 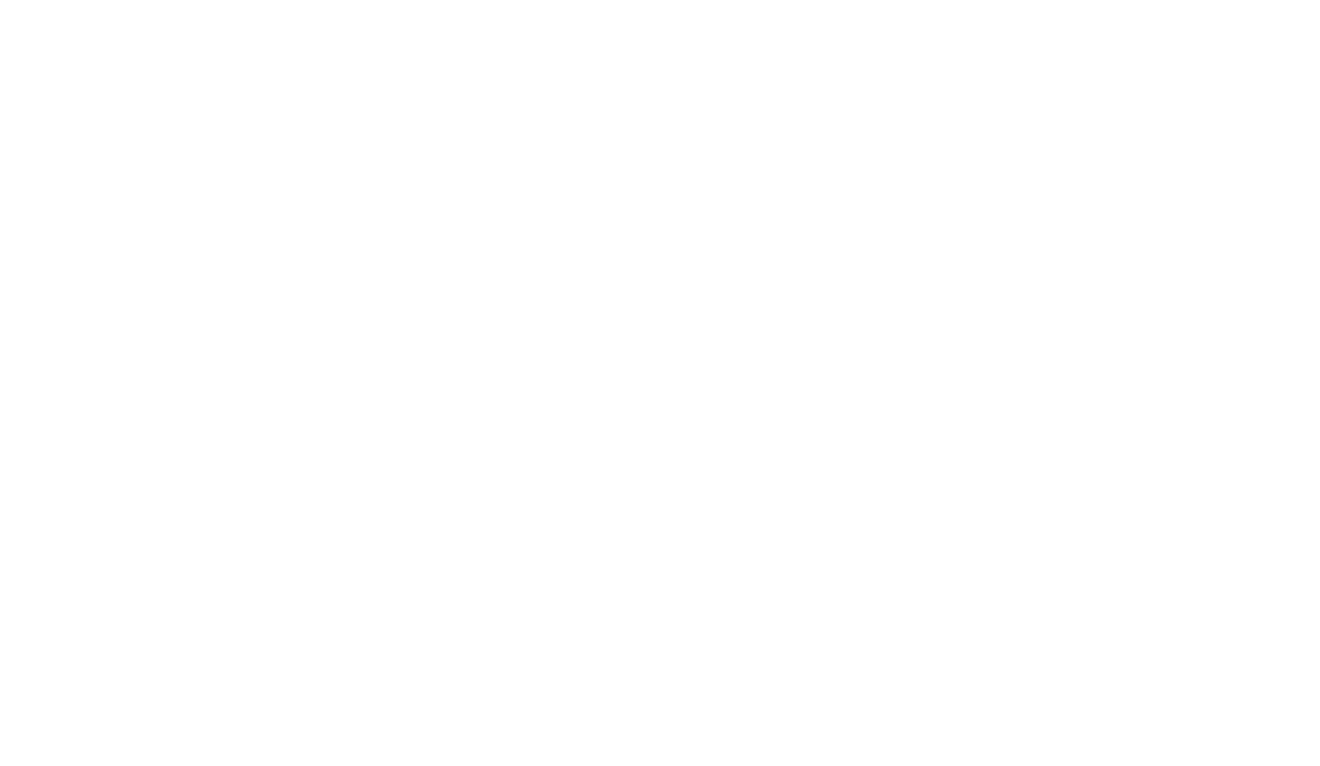 I want to click on 'Irlande', so click(x=659, y=480).